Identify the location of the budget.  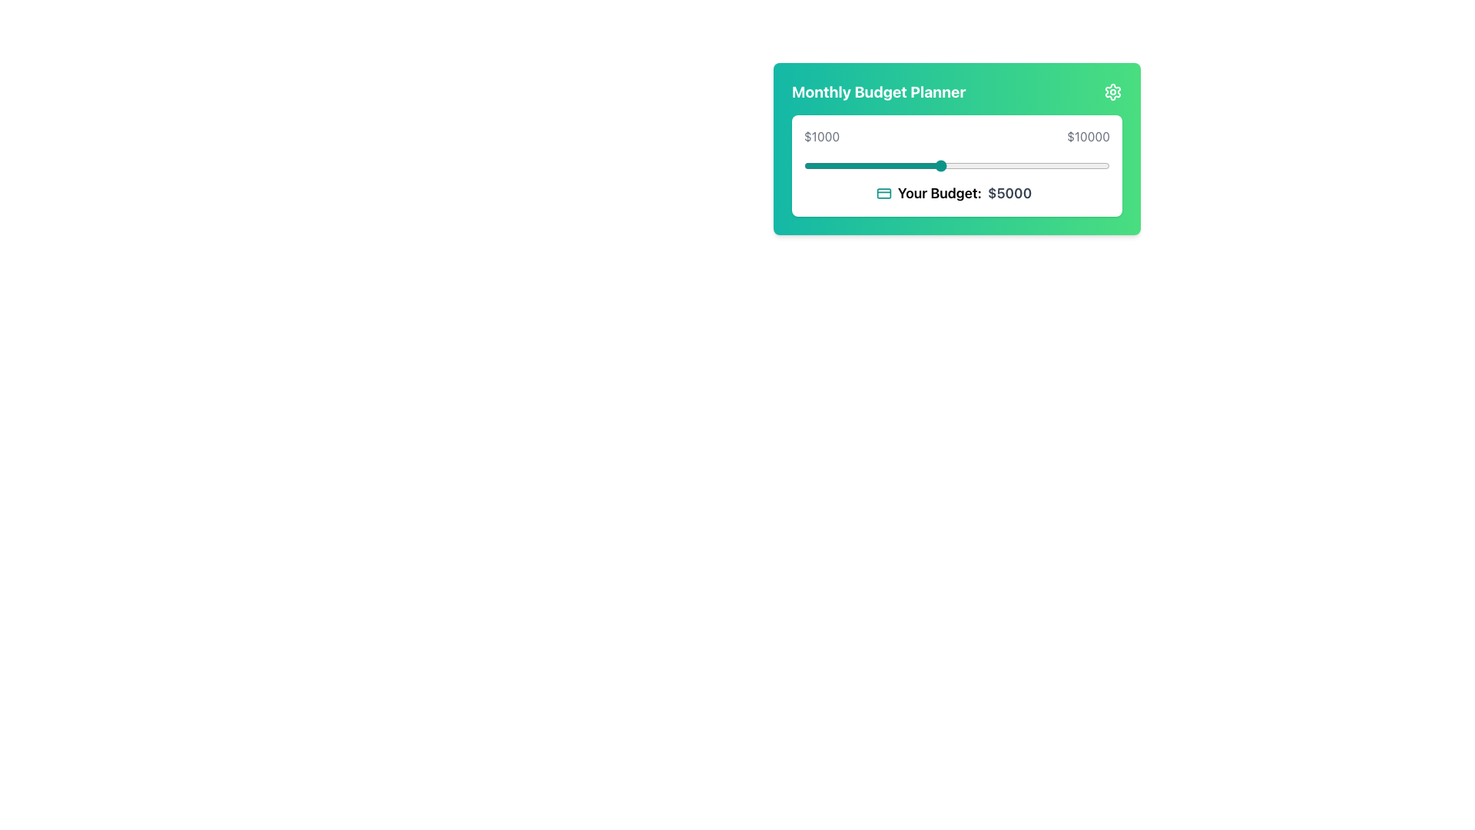
(841, 166).